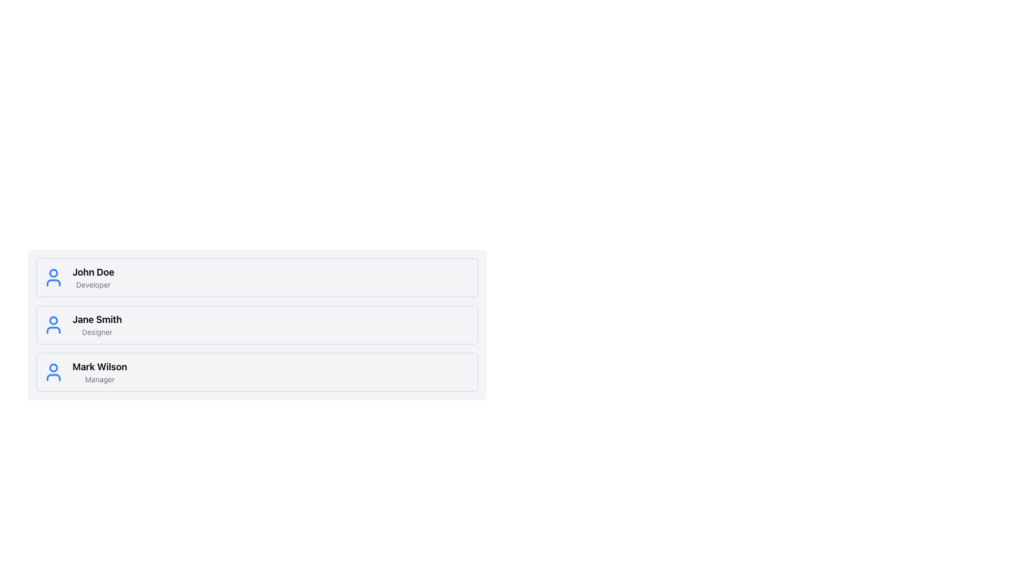 The height and width of the screenshot is (568, 1010). I want to click on the text element indicating the role designation of 'Manager' located below 'Mark Wilson' in the list of names, so click(99, 379).